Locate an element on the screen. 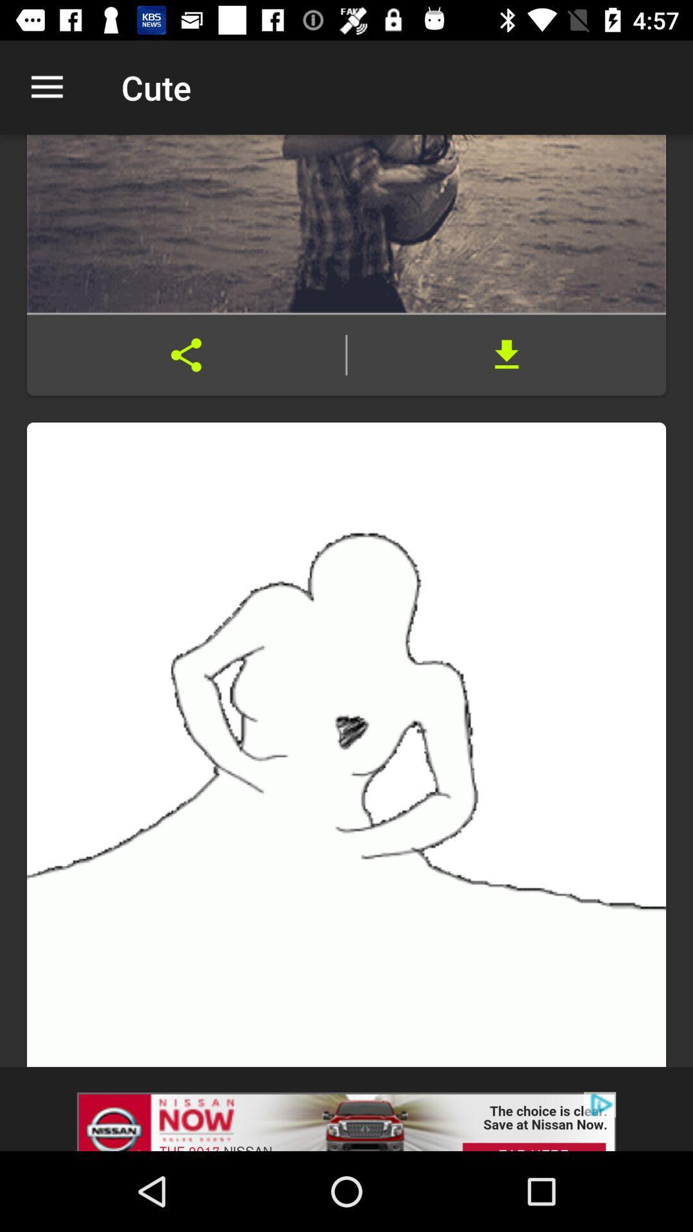 The width and height of the screenshot is (693, 1232). click share is located at coordinates (186, 355).